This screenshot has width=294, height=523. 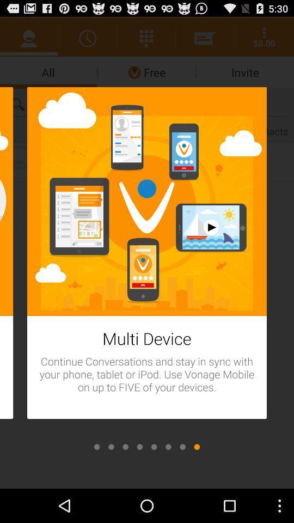 What do you see at coordinates (97, 447) in the screenshot?
I see `swipe image` at bounding box center [97, 447].